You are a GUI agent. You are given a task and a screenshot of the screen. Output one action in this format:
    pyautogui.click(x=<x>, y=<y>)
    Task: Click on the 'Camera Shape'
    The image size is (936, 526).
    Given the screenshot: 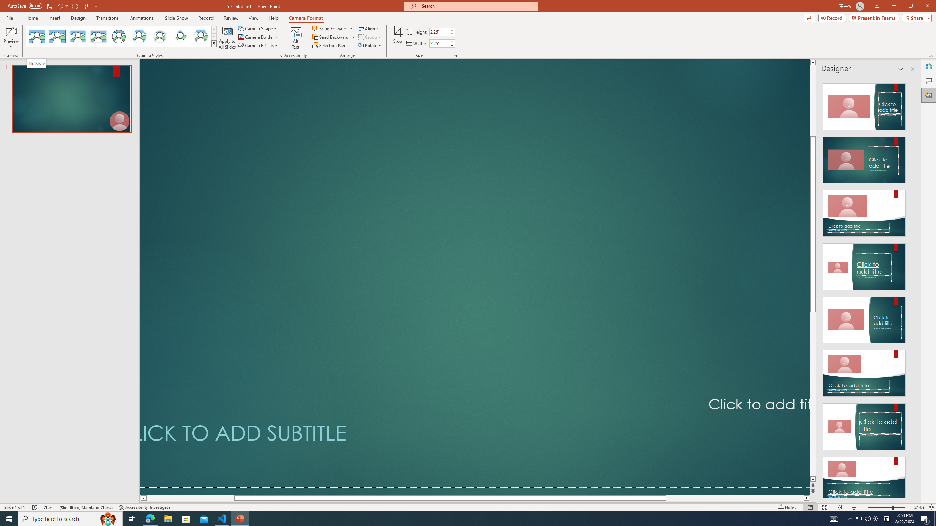 What is the action you would take?
    pyautogui.click(x=258, y=28)
    